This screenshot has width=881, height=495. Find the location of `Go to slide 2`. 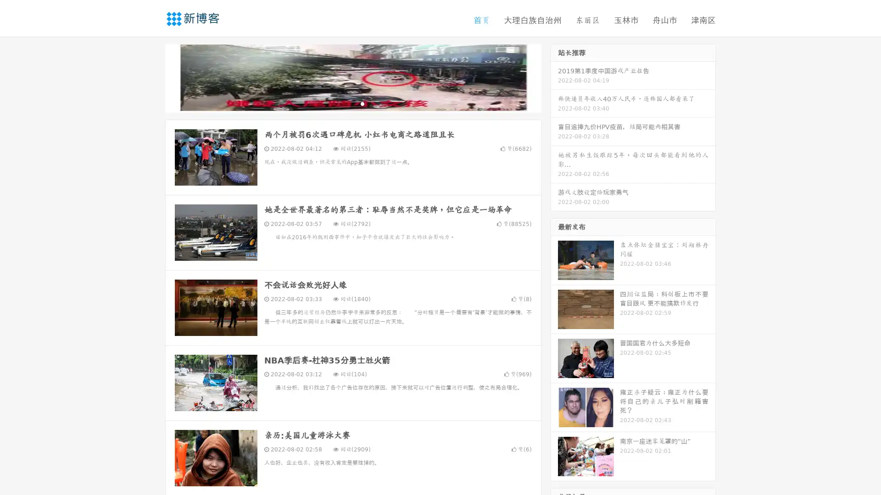

Go to slide 2 is located at coordinates (352, 103).